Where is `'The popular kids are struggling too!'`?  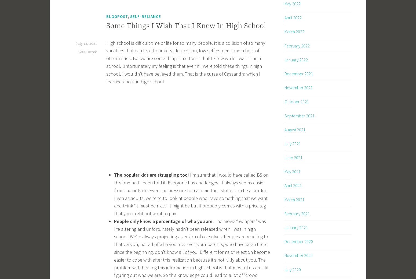
'The popular kids are struggling too!' is located at coordinates (152, 174).